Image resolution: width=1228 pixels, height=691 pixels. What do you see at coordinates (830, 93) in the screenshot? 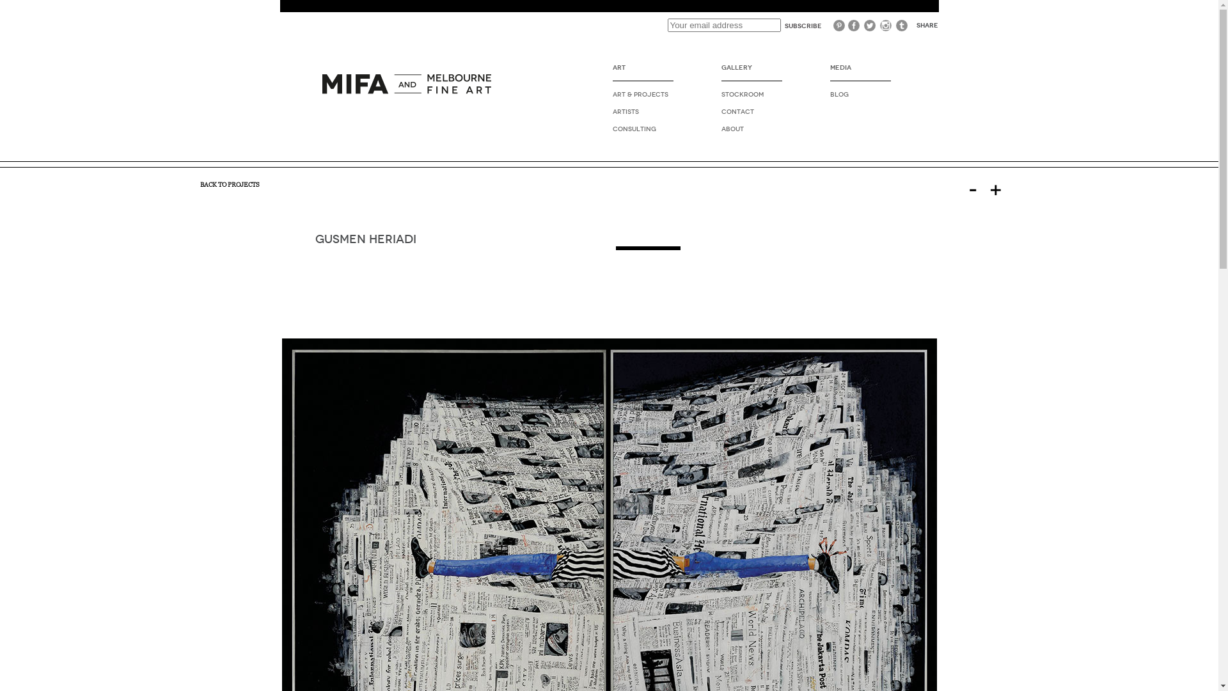
I see `'BLOG'` at bounding box center [830, 93].